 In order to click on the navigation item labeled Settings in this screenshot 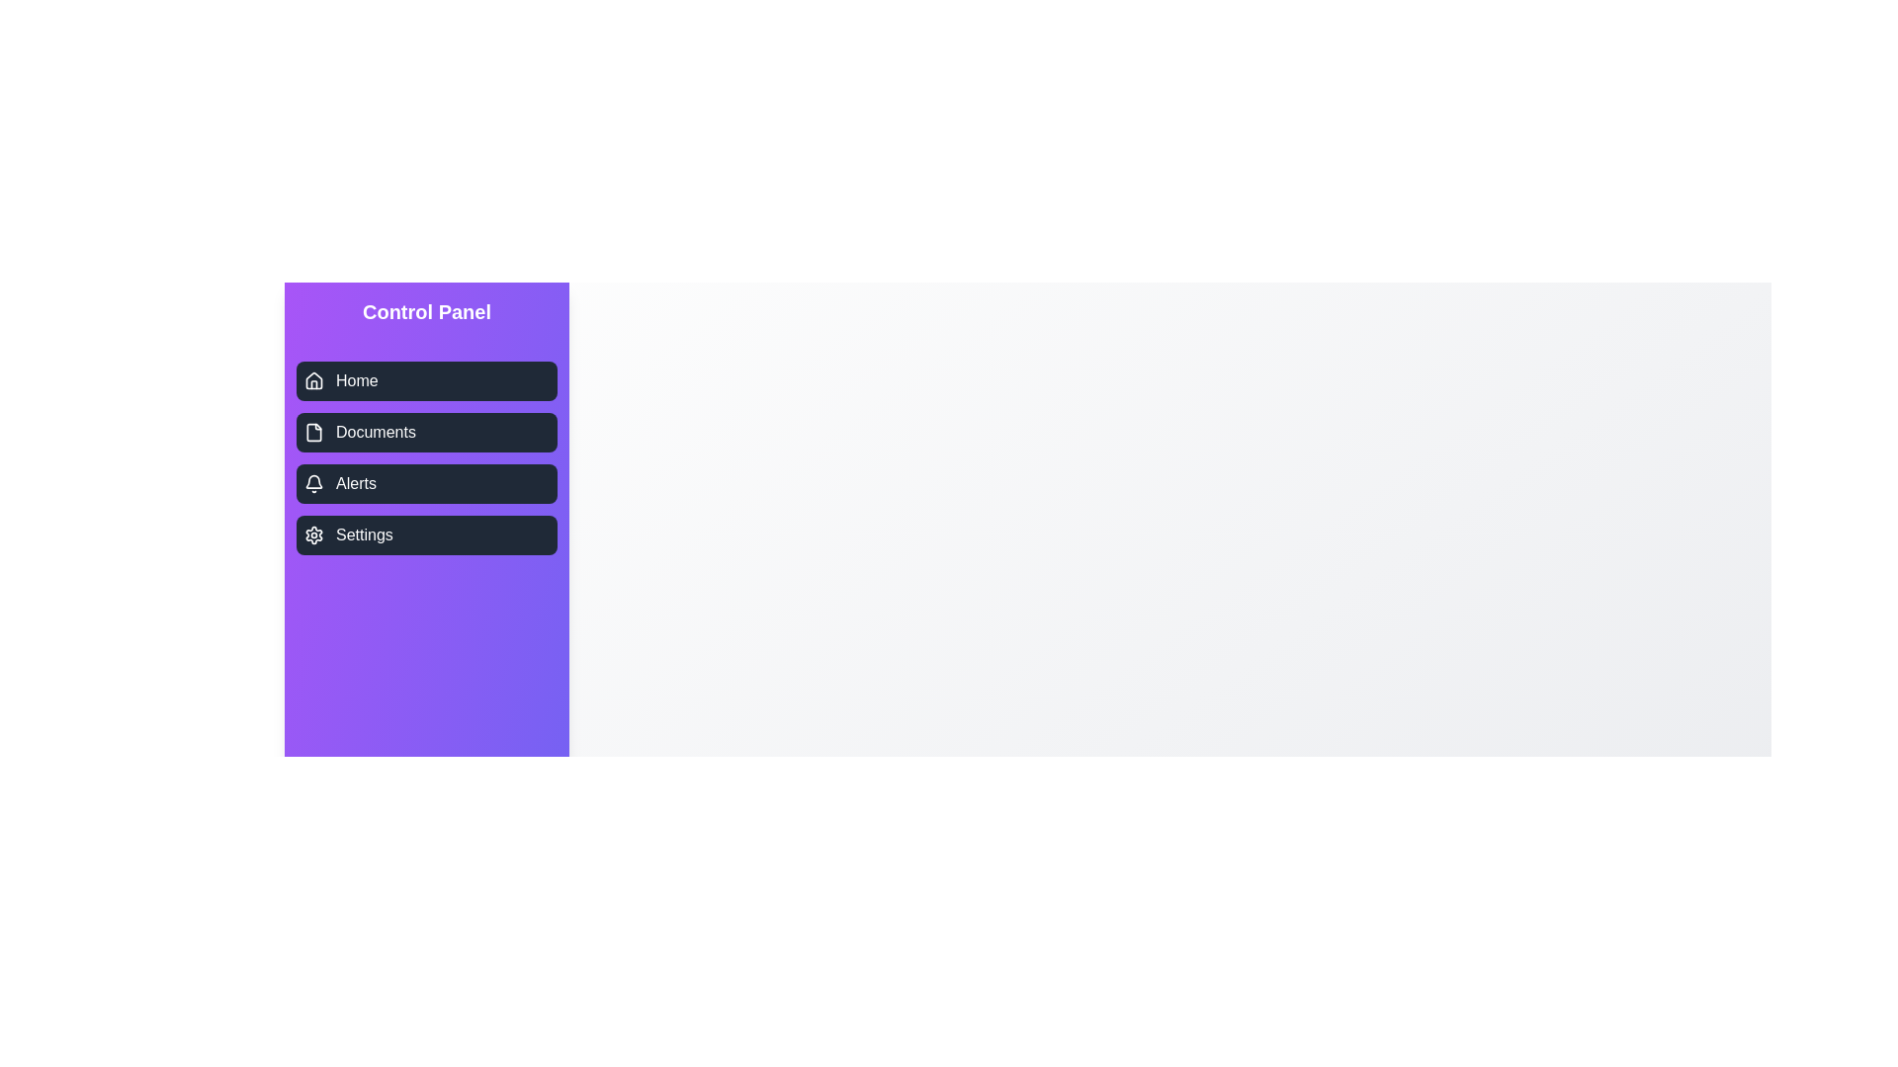, I will do `click(426, 535)`.